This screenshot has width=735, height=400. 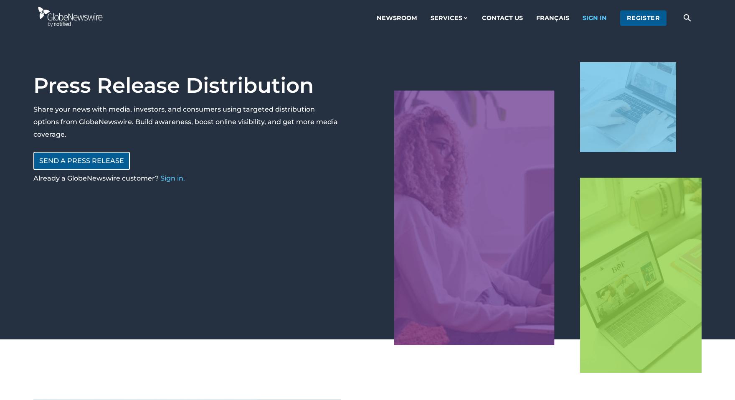 What do you see at coordinates (643, 17) in the screenshot?
I see `'register'` at bounding box center [643, 17].